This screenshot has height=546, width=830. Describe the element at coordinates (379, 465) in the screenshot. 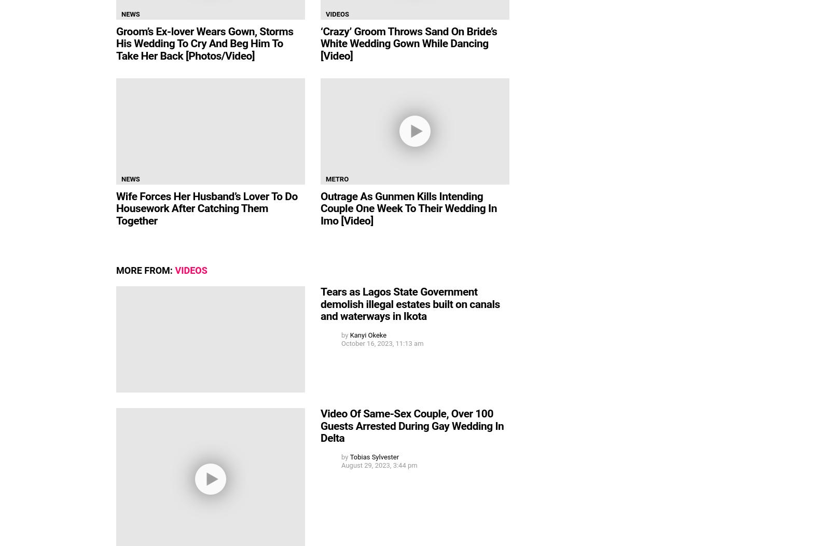

I see `'August 29, 2023, 3:44 pm'` at that location.